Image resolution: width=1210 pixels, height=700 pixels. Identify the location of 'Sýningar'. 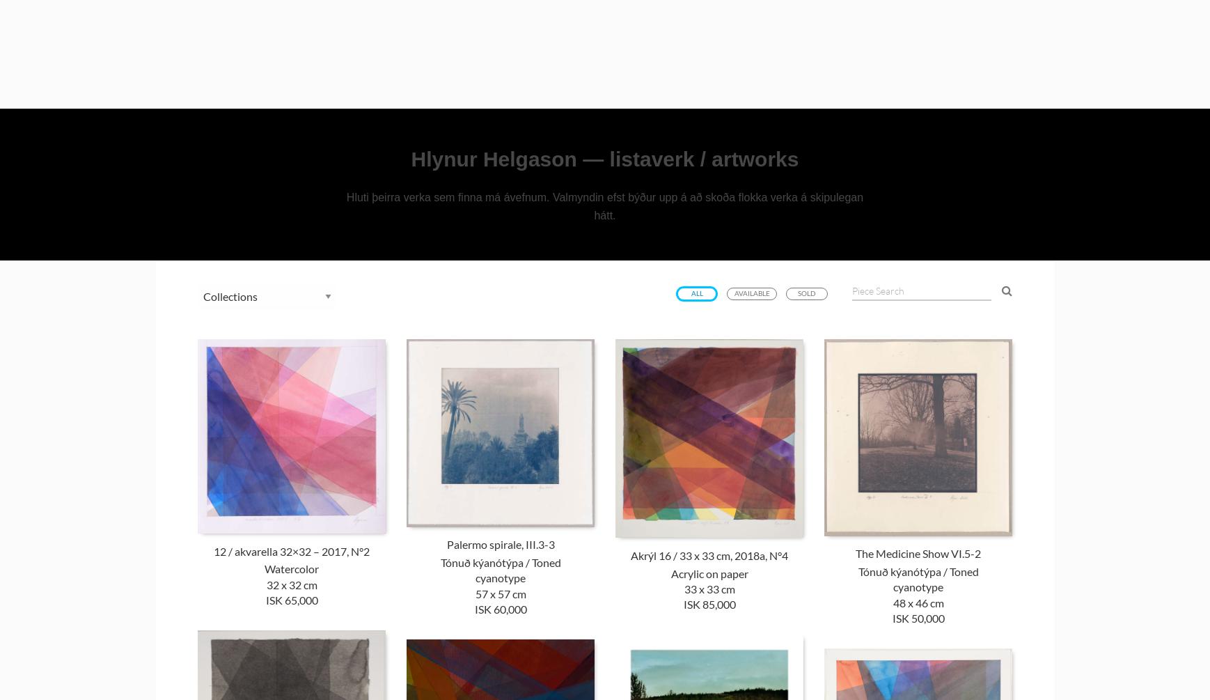
(909, 61).